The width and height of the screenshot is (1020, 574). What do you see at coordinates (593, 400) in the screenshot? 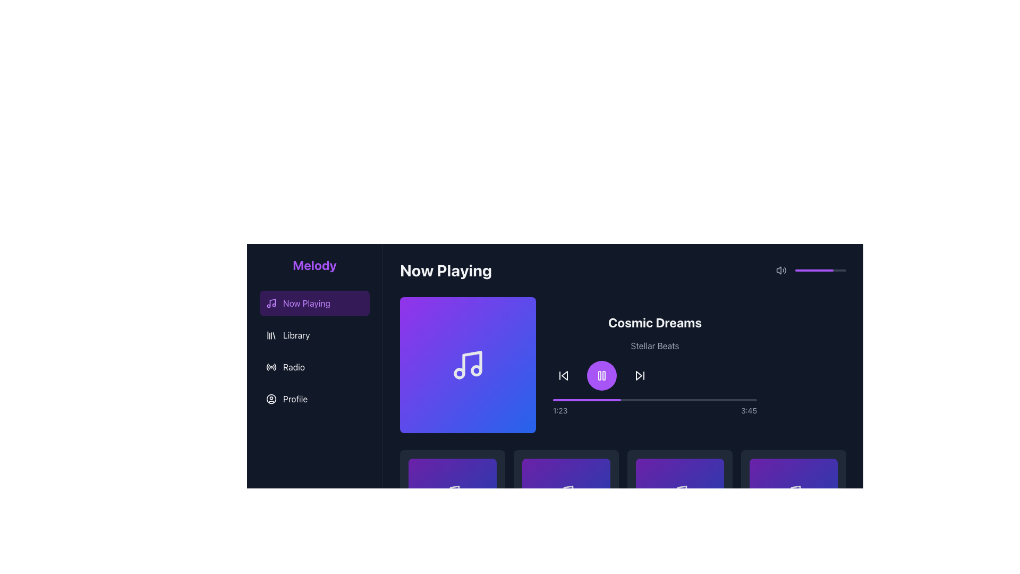
I see `the playback progress` at bounding box center [593, 400].